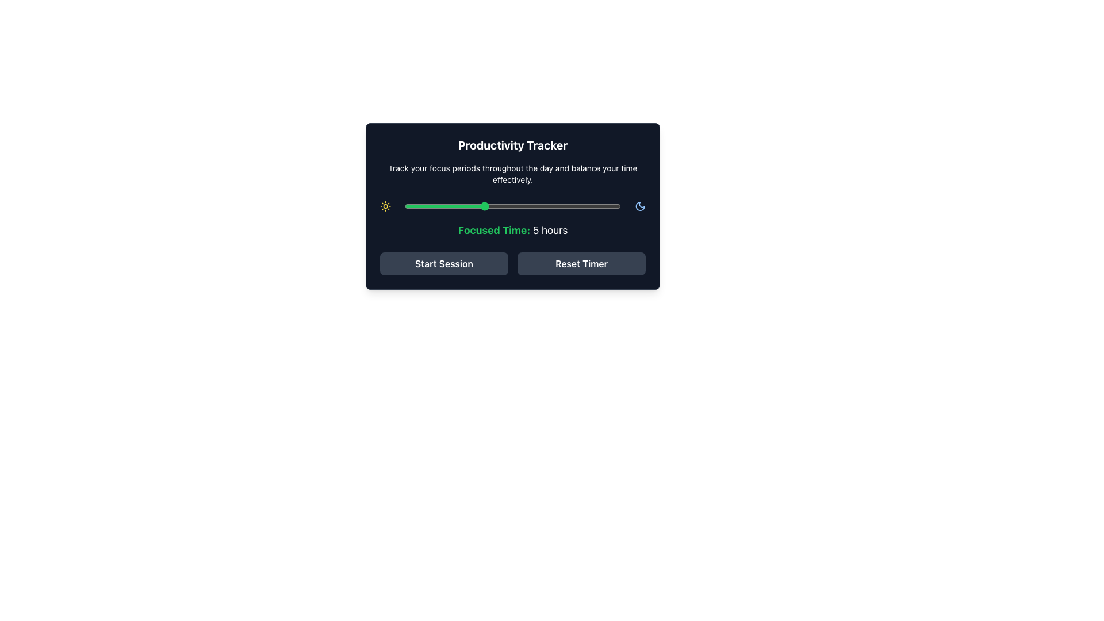 Image resolution: width=1104 pixels, height=621 pixels. What do you see at coordinates (522, 205) in the screenshot?
I see `the slider value` at bounding box center [522, 205].